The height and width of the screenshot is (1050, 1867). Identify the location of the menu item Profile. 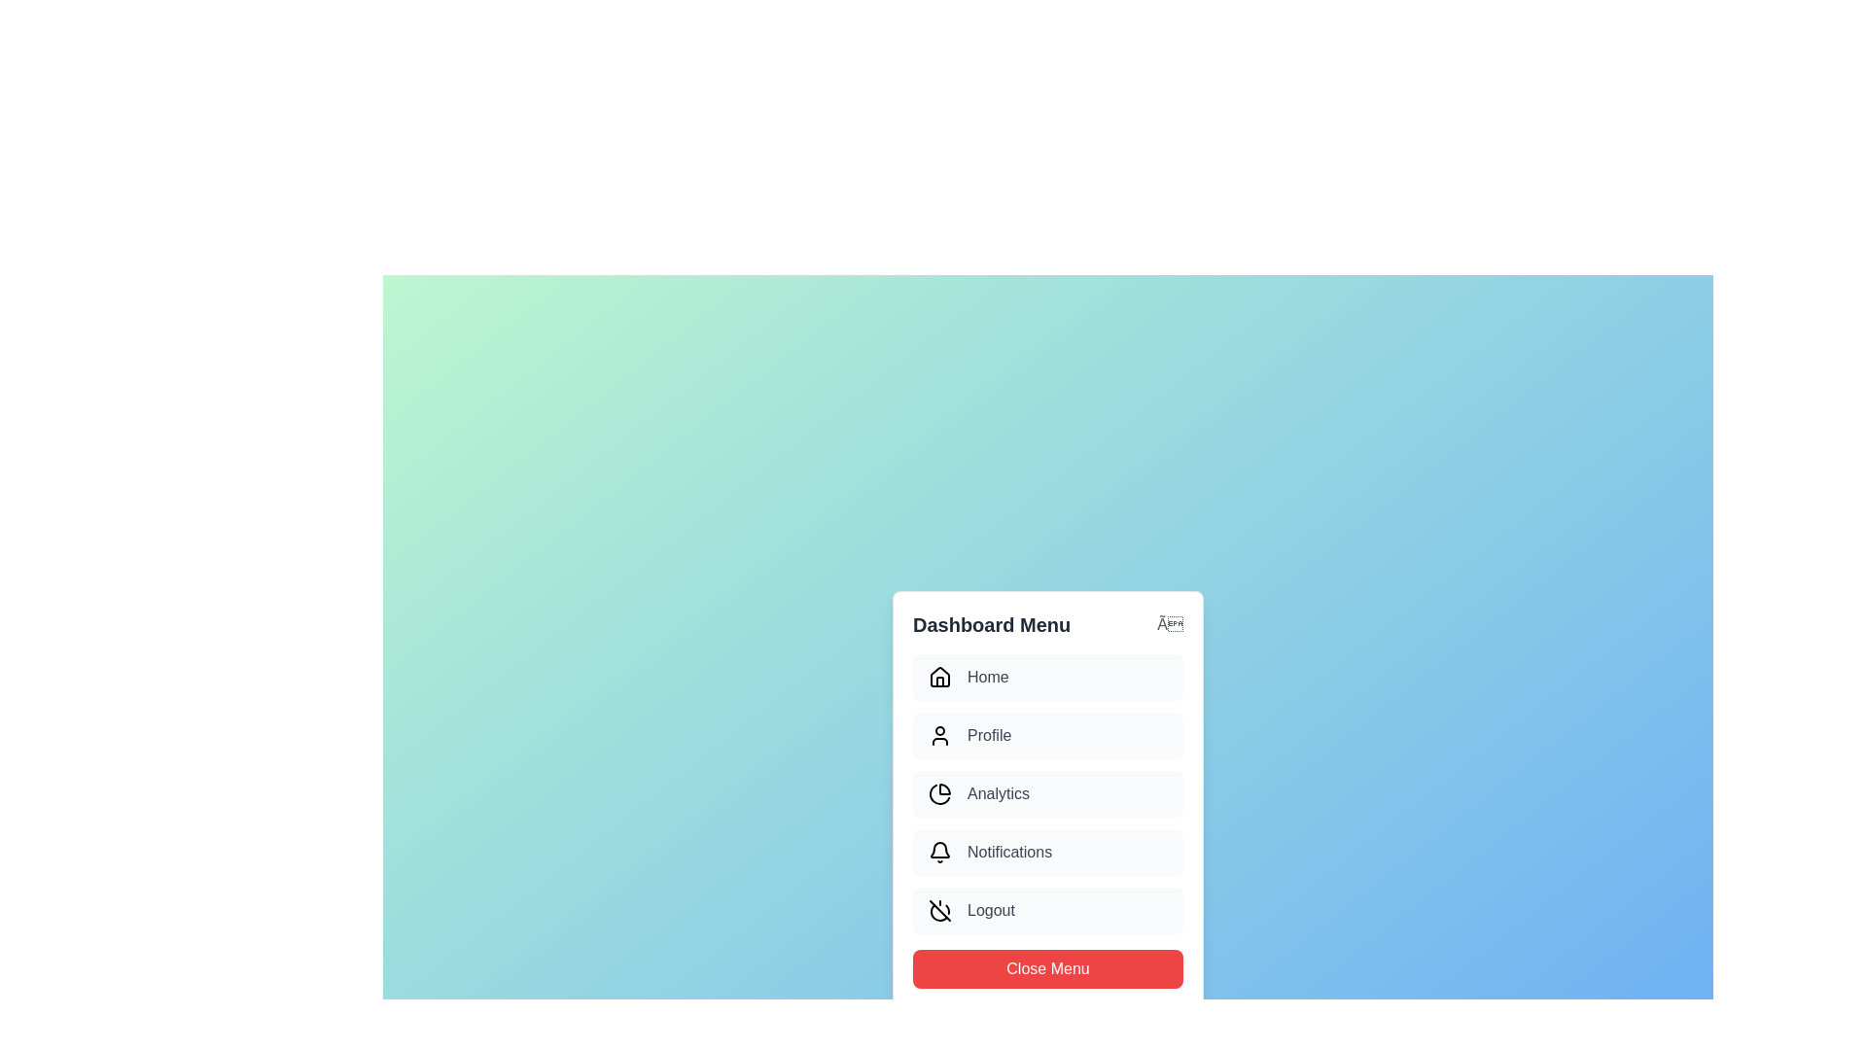
(1047, 735).